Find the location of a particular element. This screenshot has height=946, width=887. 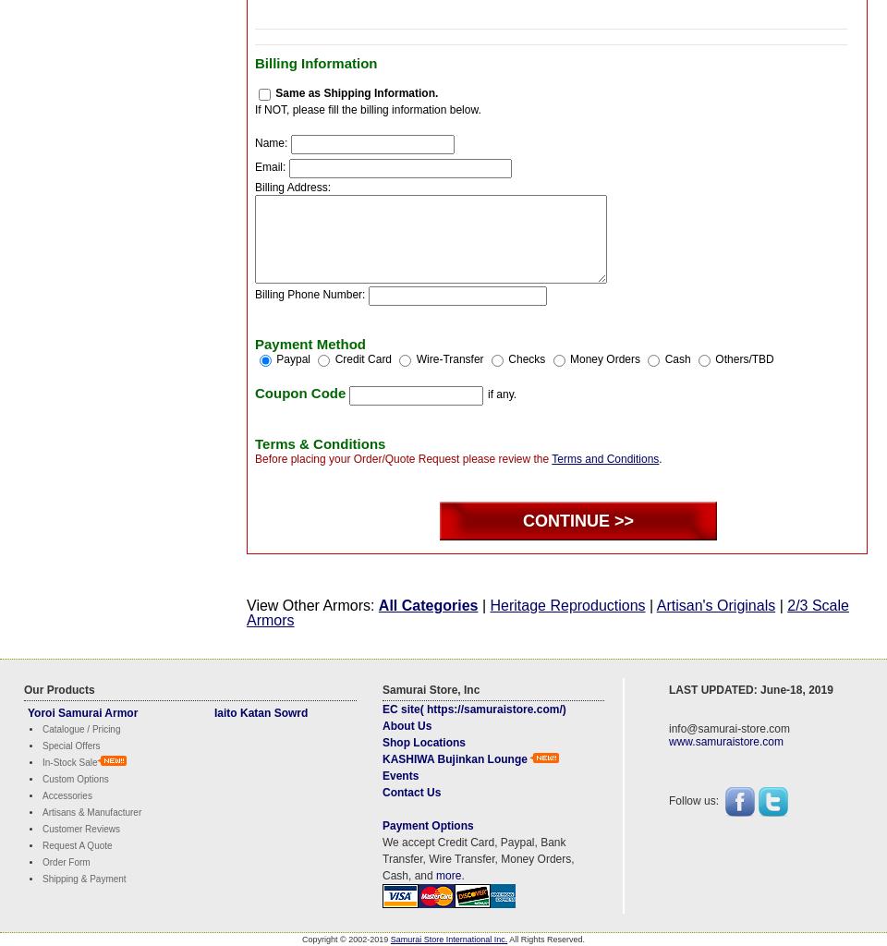

'About Us' is located at coordinates (407, 724).